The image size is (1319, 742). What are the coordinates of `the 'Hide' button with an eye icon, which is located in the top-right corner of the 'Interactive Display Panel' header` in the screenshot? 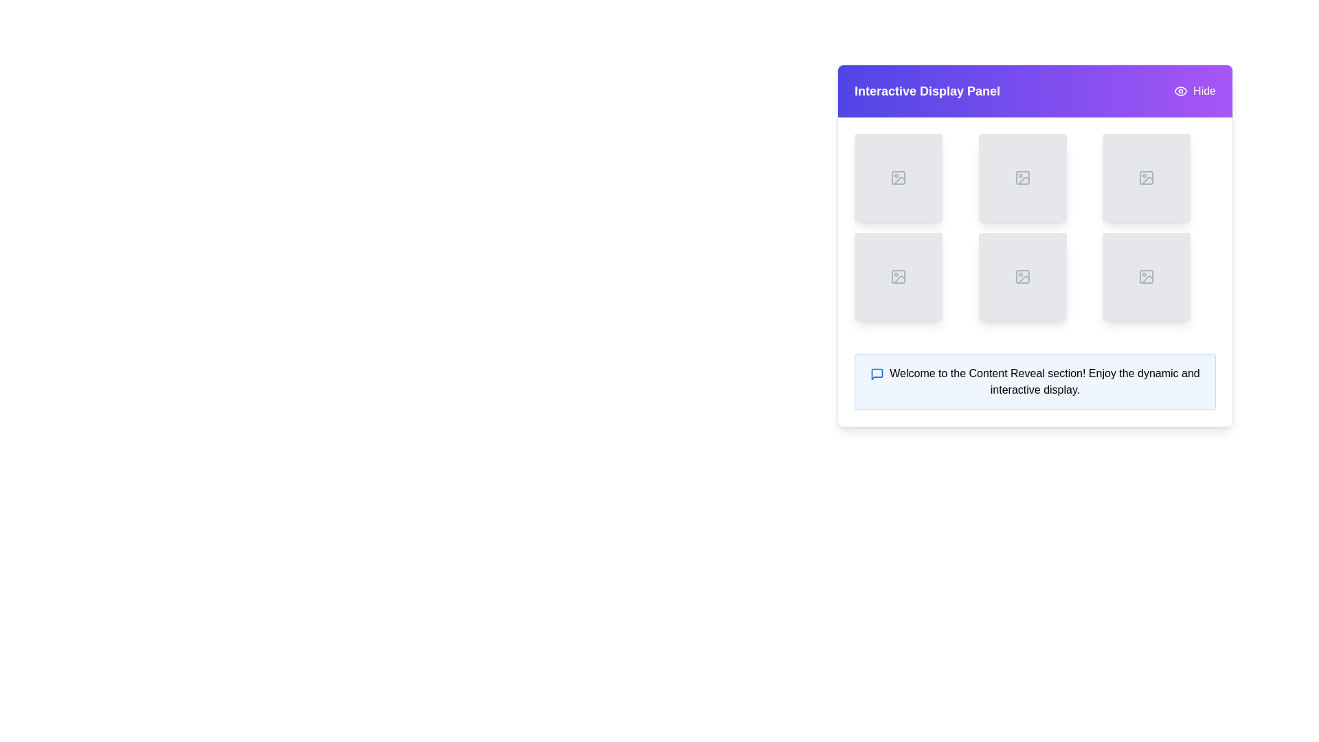 It's located at (1194, 91).